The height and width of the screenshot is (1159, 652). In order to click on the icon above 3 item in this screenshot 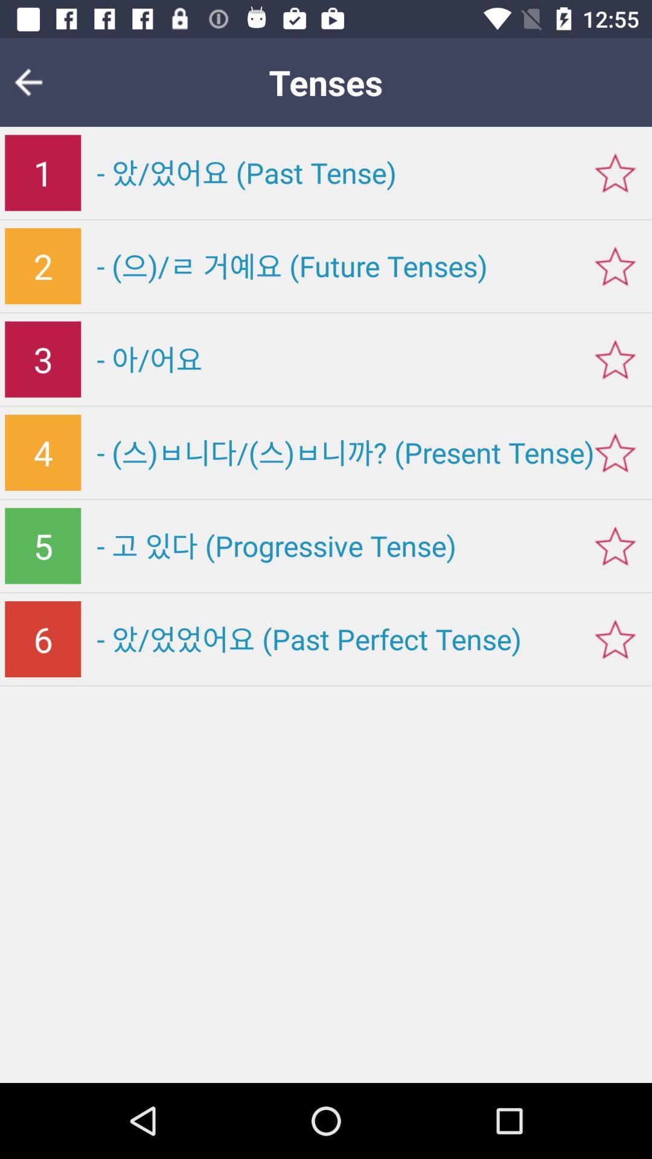, I will do `click(42, 266)`.